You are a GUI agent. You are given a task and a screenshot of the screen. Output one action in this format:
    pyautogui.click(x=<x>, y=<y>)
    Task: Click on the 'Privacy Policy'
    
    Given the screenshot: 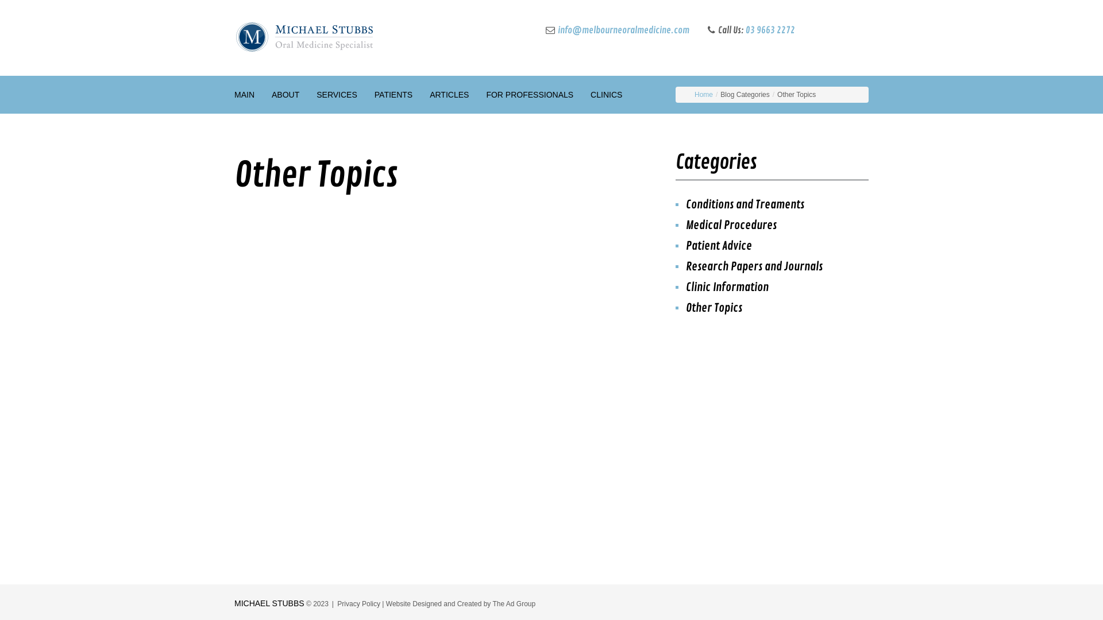 What is the action you would take?
    pyautogui.click(x=358, y=603)
    